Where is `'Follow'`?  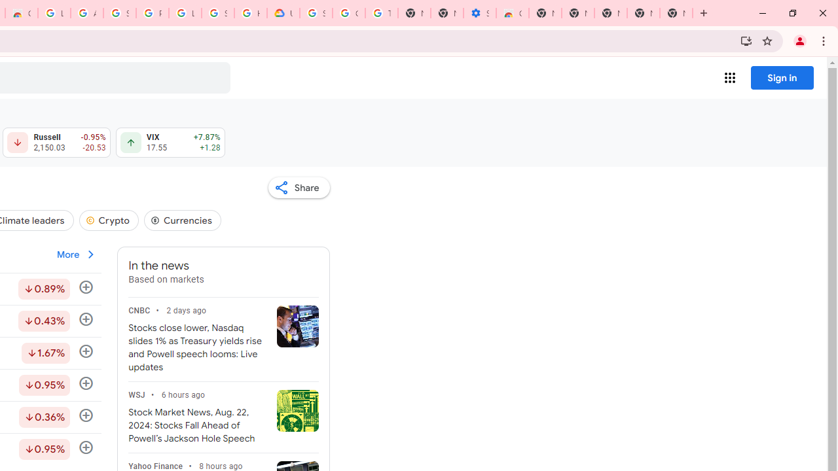
'Follow' is located at coordinates (85, 447).